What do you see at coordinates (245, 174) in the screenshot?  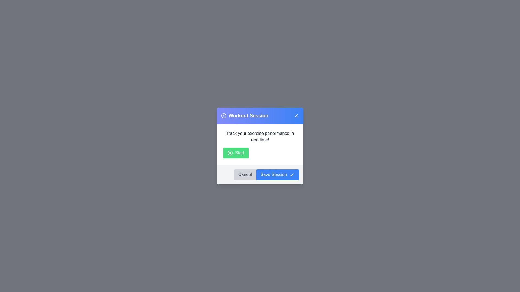 I see `the Cancel button to close the dialog` at bounding box center [245, 174].